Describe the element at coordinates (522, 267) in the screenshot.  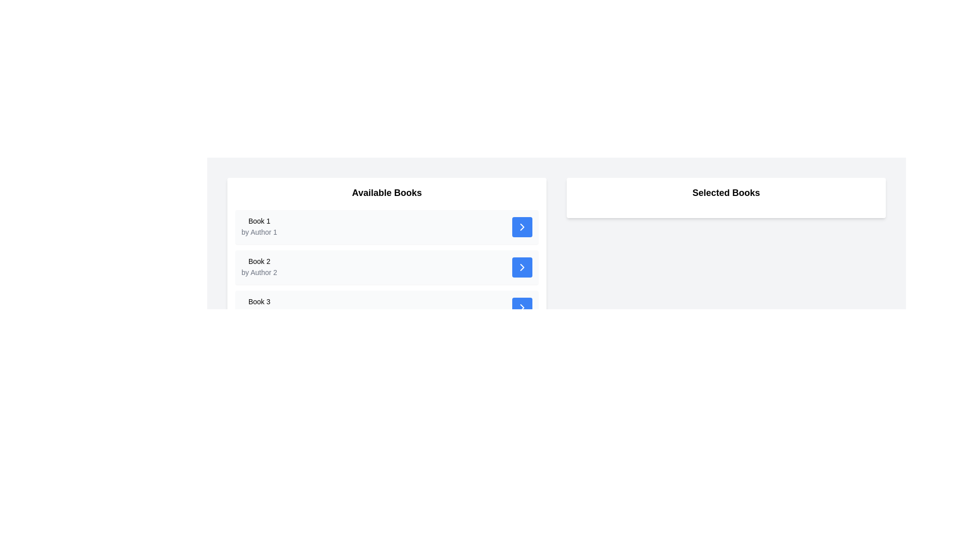
I see `the button in the far right corner of the list item for 'Book 2 by Author 2' in the 'Available Books' section` at that location.